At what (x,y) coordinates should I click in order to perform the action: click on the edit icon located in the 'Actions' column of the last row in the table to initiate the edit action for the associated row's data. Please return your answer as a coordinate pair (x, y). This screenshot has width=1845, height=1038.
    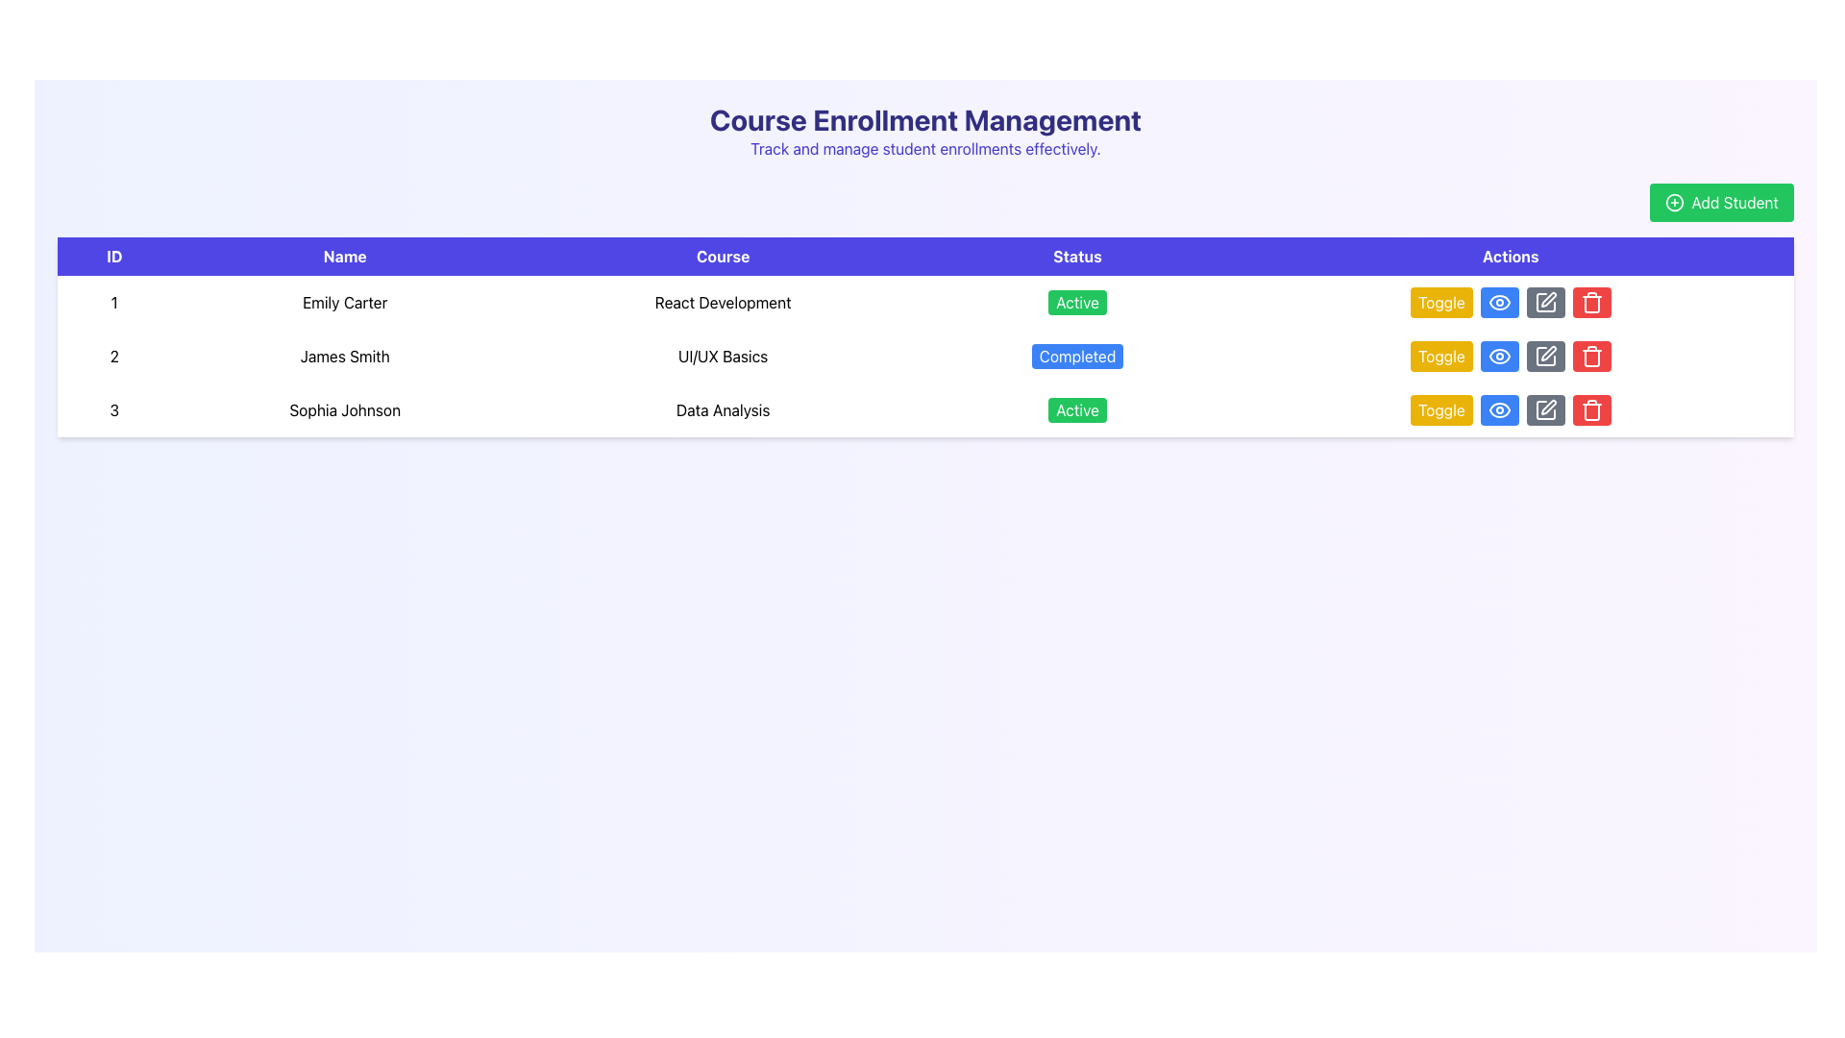
    Looking at the image, I should click on (1548, 353).